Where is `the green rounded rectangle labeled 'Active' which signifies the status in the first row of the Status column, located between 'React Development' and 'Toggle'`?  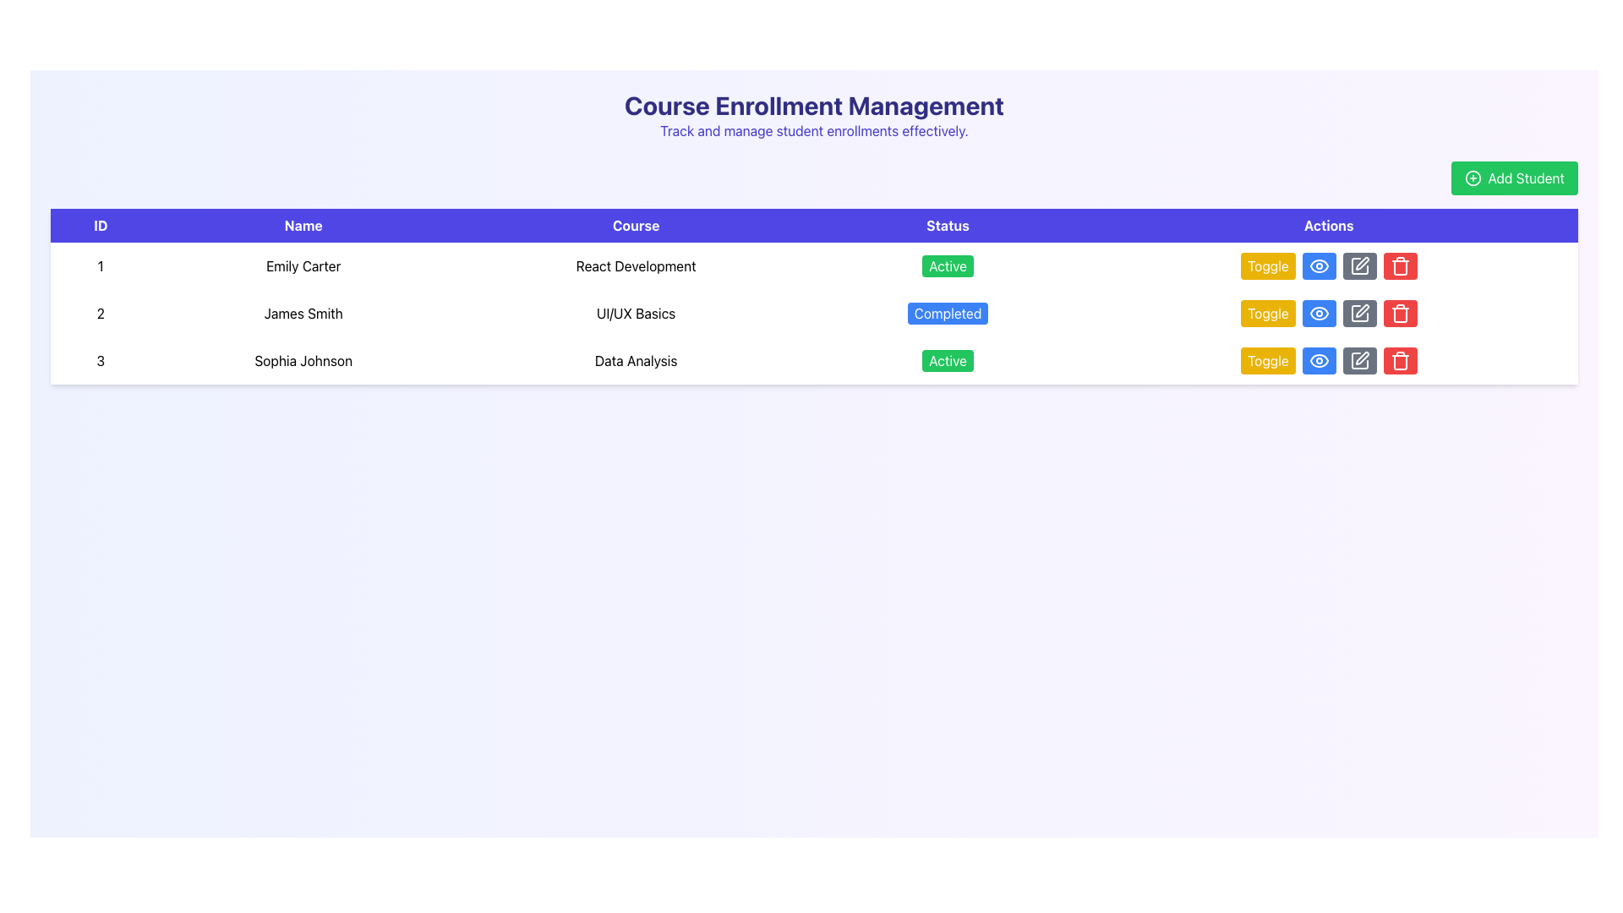 the green rounded rectangle labeled 'Active' which signifies the status in the first row of the Status column, located between 'React Development' and 'Toggle' is located at coordinates (948, 266).